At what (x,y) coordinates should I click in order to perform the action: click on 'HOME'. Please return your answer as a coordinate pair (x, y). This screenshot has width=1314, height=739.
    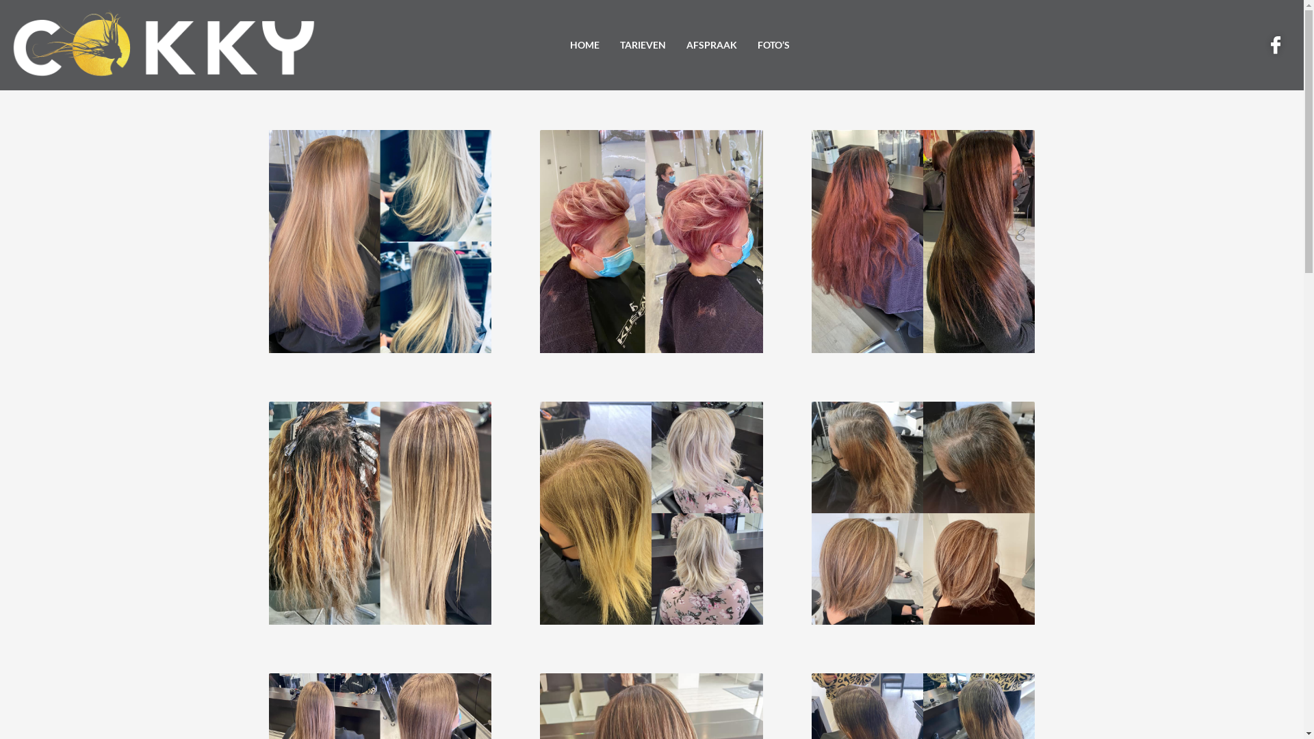
    Looking at the image, I should click on (584, 44).